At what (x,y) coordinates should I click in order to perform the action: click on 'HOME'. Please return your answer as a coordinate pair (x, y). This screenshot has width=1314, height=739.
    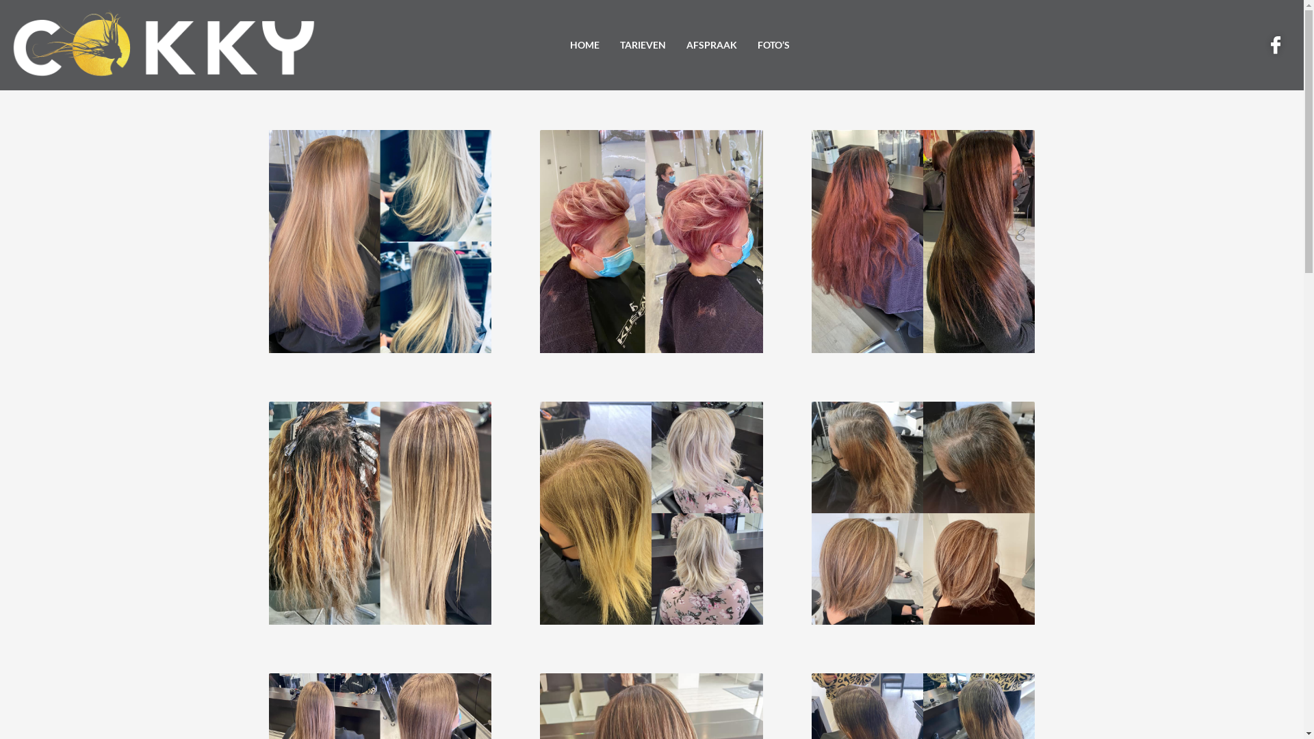
    Looking at the image, I should click on (584, 44).